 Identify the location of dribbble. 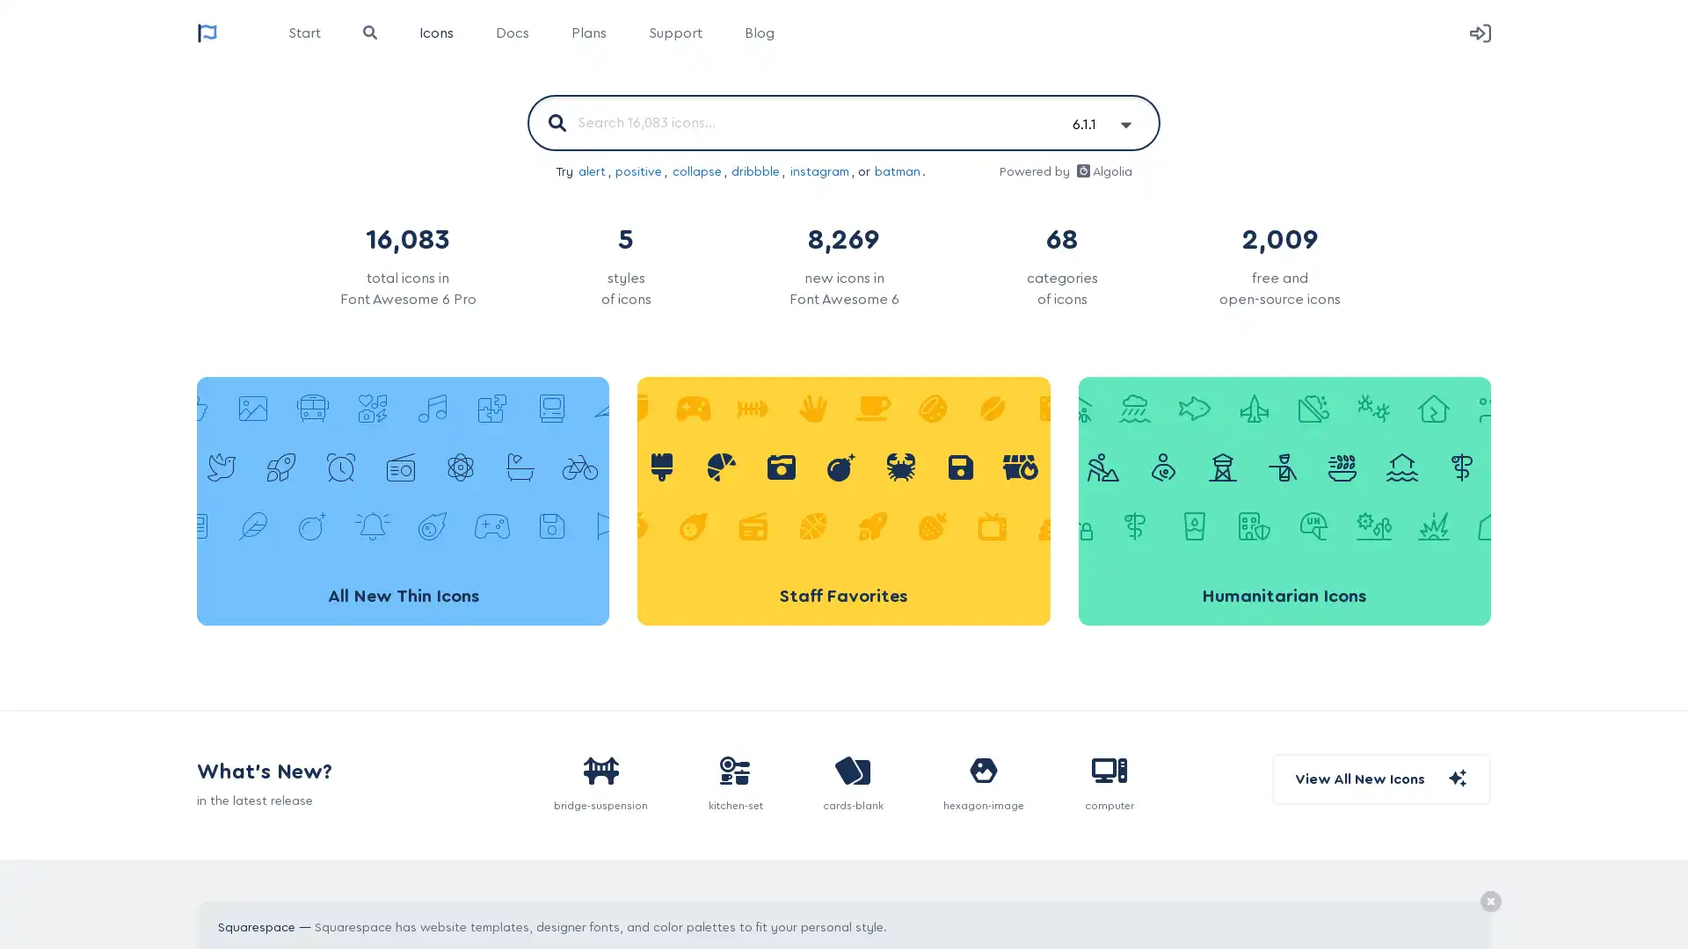
(755, 172).